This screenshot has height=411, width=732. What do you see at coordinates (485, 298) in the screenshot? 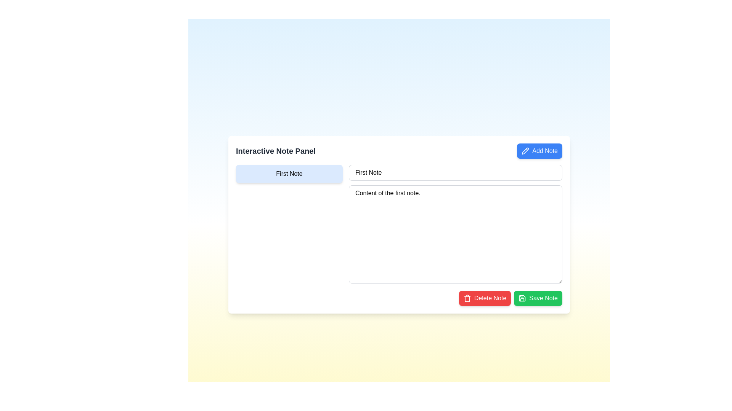
I see `the red 'Delete Note' button with a trash bin icon` at bounding box center [485, 298].